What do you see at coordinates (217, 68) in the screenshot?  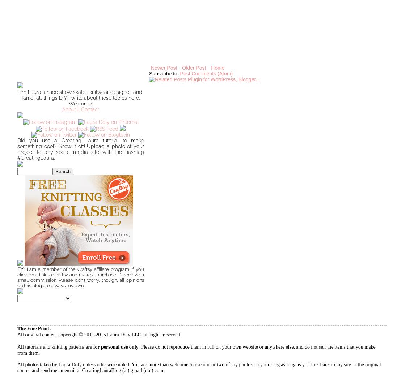 I see `'Home'` at bounding box center [217, 68].